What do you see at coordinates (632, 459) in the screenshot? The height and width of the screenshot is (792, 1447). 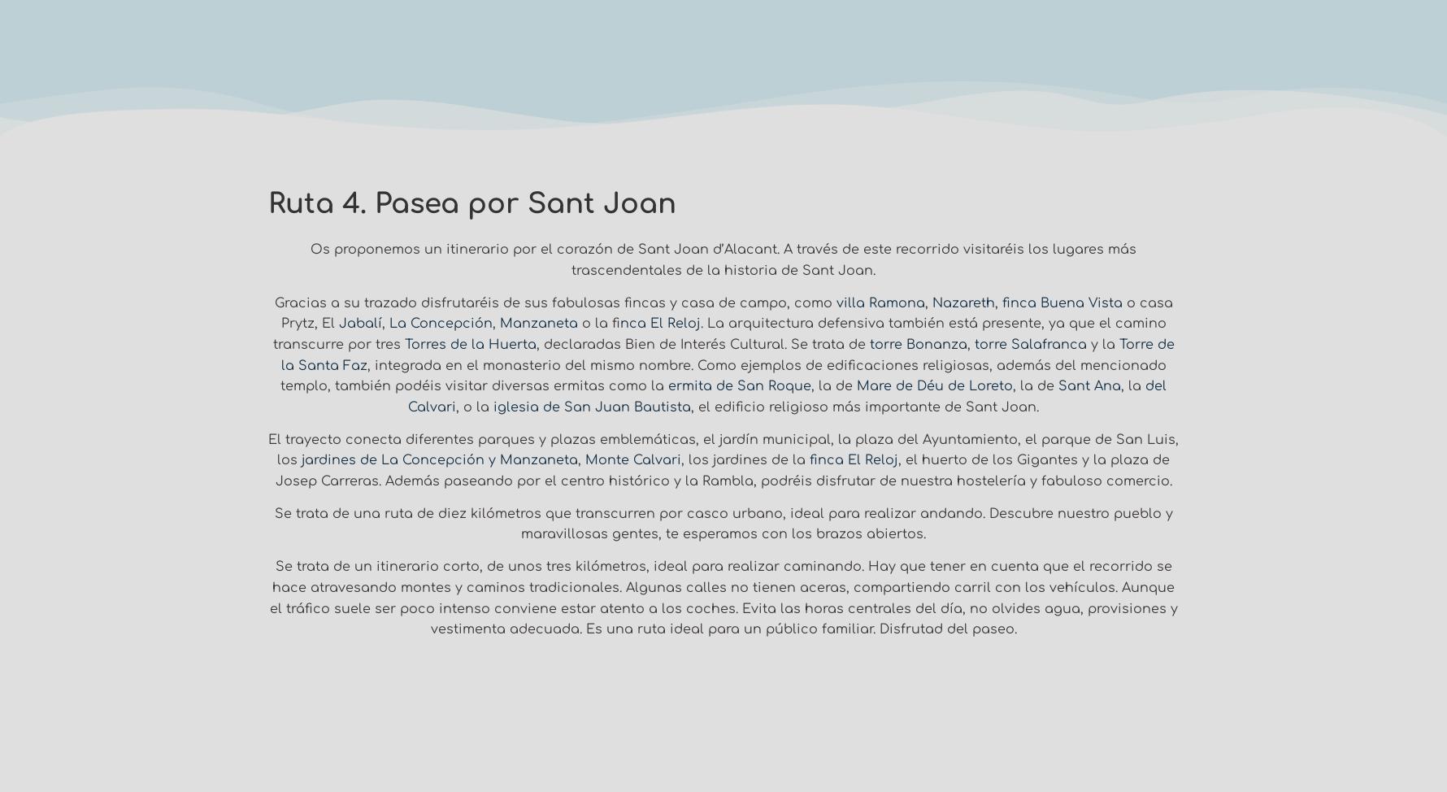 I see `'Monte Calvari'` at bounding box center [632, 459].